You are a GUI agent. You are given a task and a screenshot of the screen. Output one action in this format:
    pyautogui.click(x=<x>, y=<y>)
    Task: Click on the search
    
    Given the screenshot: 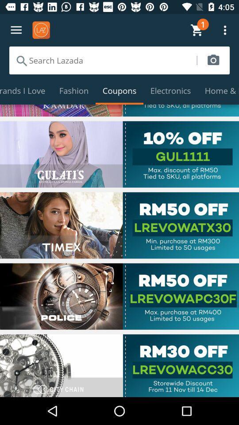 What is the action you would take?
    pyautogui.click(x=102, y=60)
    